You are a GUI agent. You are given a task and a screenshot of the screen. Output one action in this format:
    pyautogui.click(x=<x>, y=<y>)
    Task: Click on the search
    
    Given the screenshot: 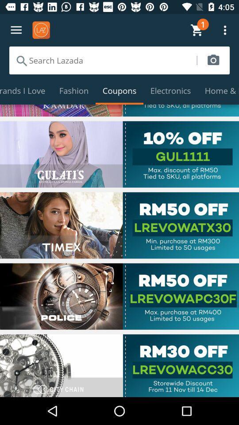 What is the action you would take?
    pyautogui.click(x=102, y=60)
    